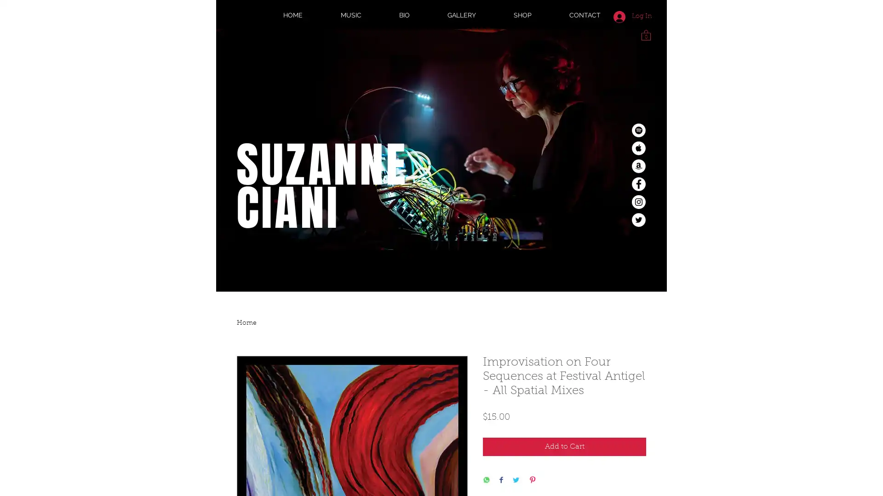 The width and height of the screenshot is (883, 496). Describe the element at coordinates (646, 34) in the screenshot. I see `Cart with 0 items` at that location.